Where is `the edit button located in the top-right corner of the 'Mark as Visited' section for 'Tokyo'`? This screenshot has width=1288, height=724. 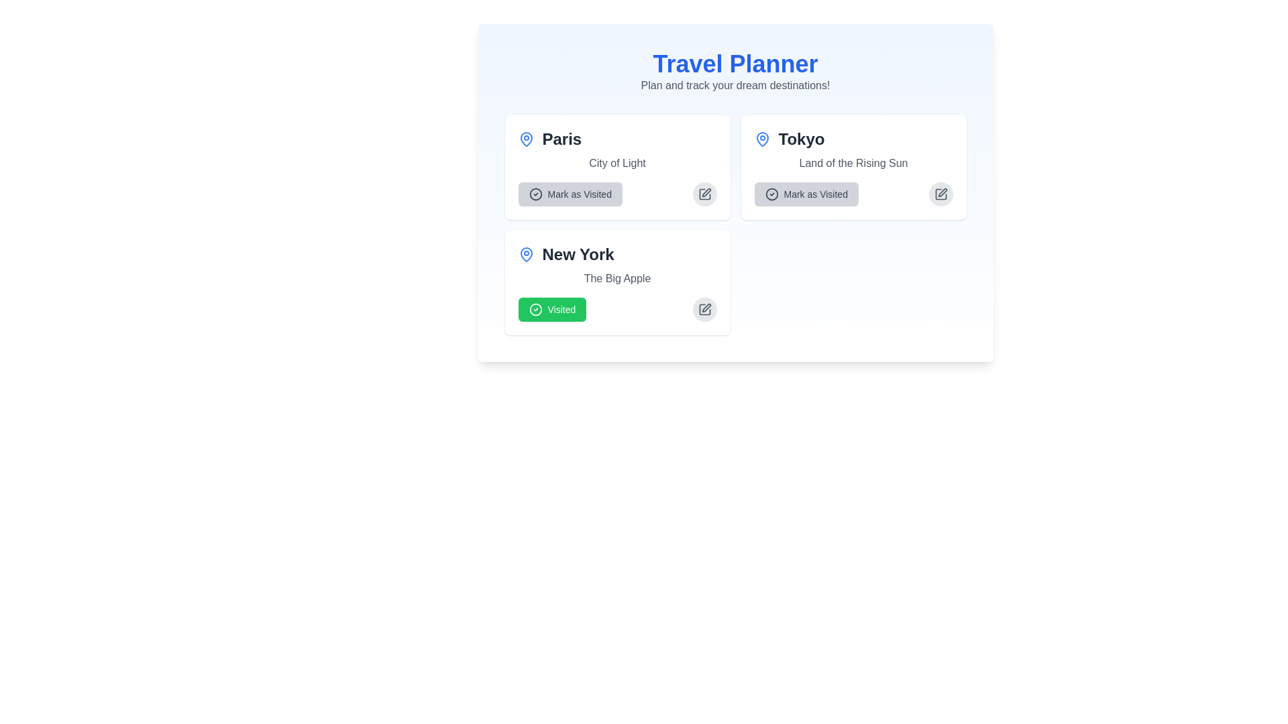 the edit button located in the top-right corner of the 'Mark as Visited' section for 'Tokyo' is located at coordinates (940, 194).